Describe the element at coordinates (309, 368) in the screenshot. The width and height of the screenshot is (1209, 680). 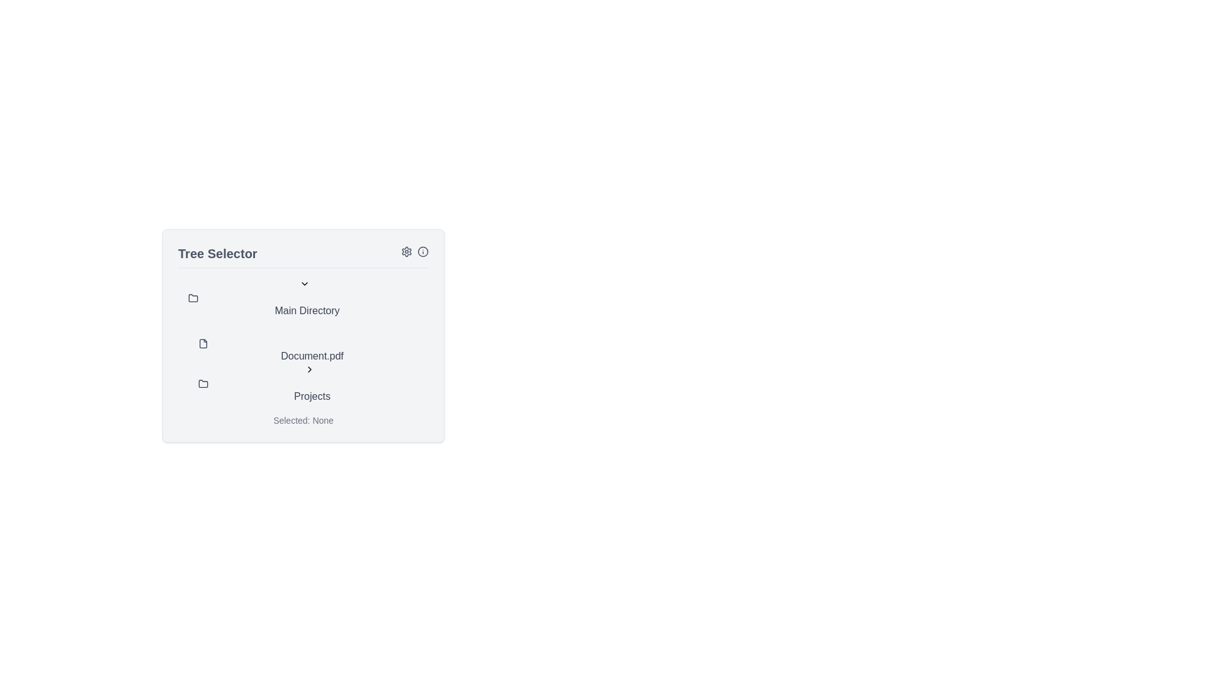
I see `the small right arrow button located to the left of the 'Projects' text in the 'Tree Selector' component` at that location.